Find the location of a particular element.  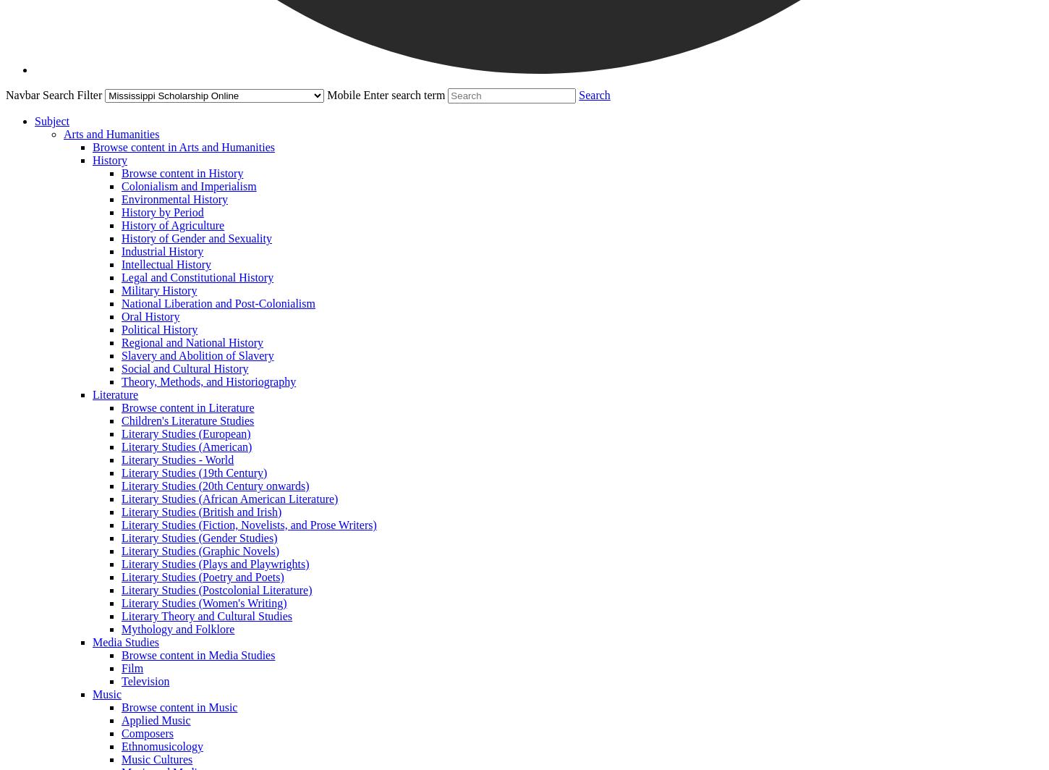

'History of Gender and Sexuality' is located at coordinates (121, 238).